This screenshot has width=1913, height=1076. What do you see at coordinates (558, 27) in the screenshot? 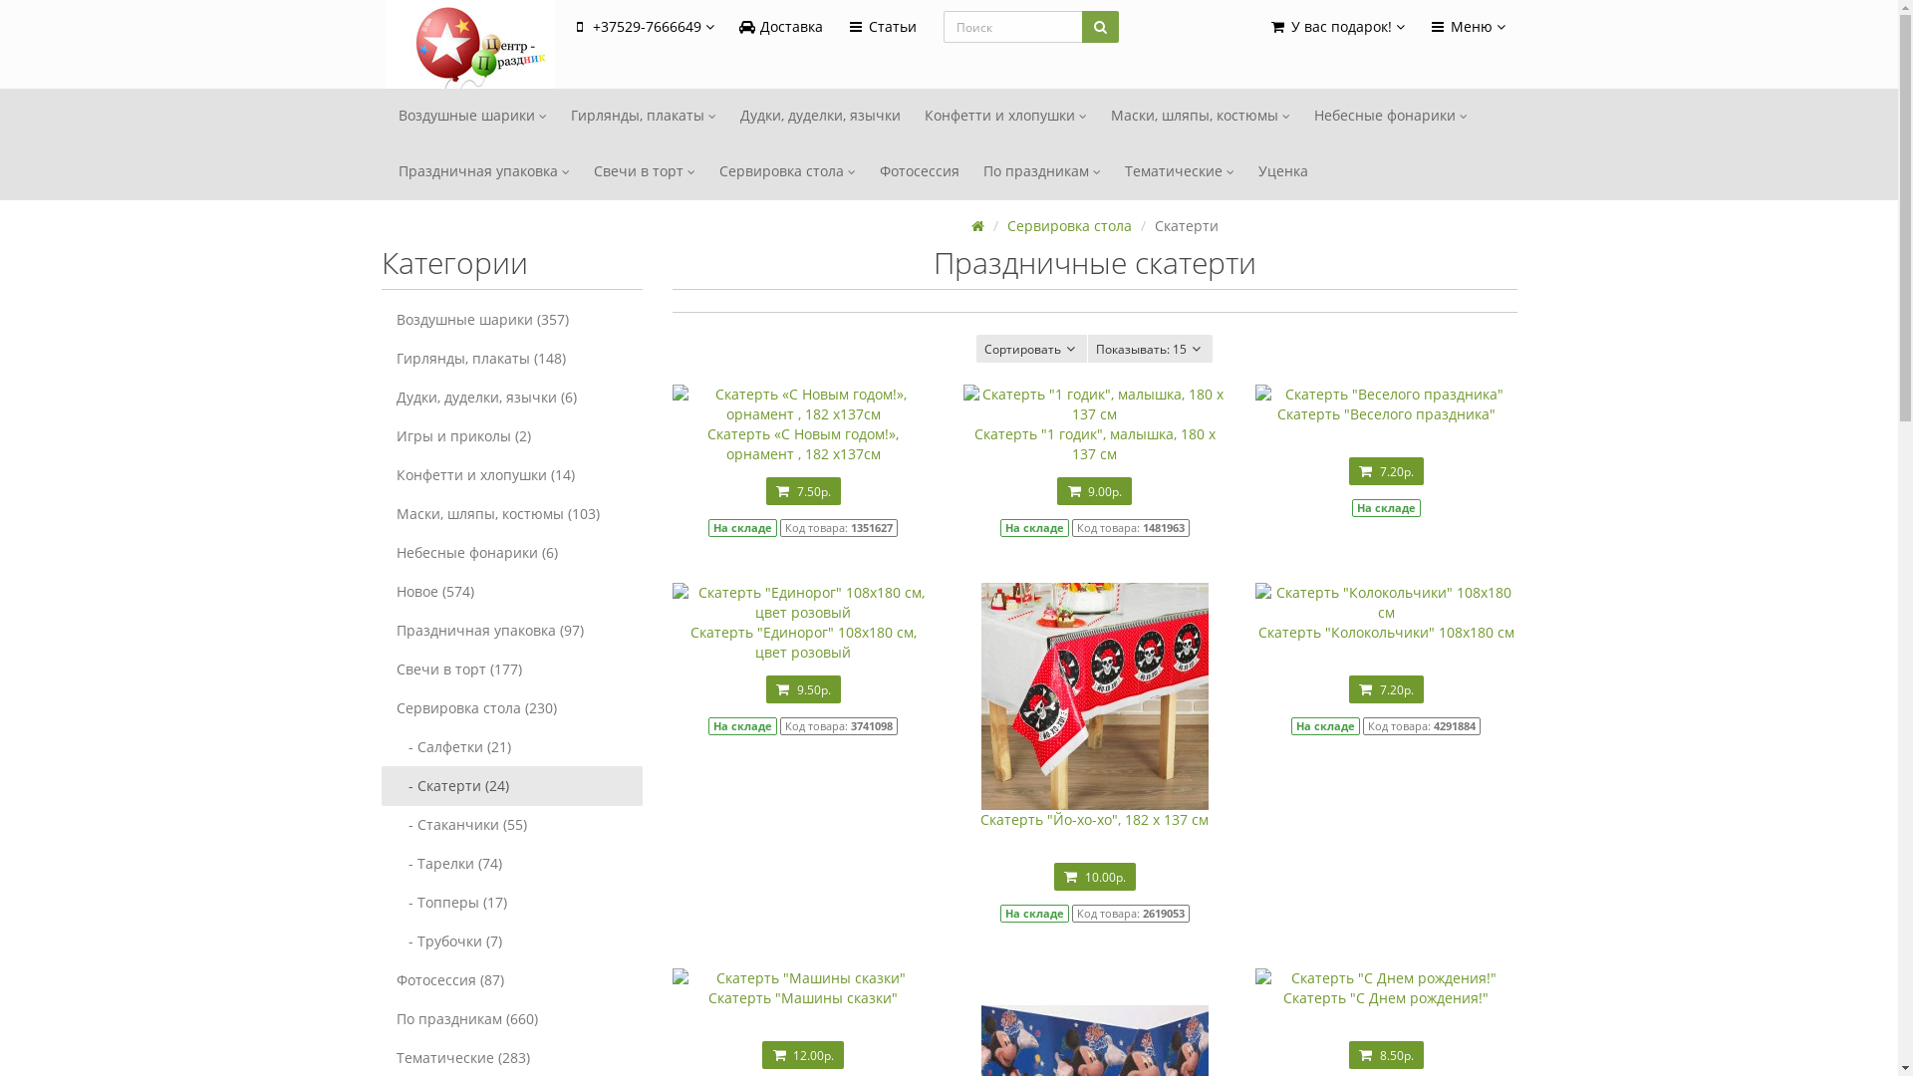
I see `'+37529-7666649'` at bounding box center [558, 27].